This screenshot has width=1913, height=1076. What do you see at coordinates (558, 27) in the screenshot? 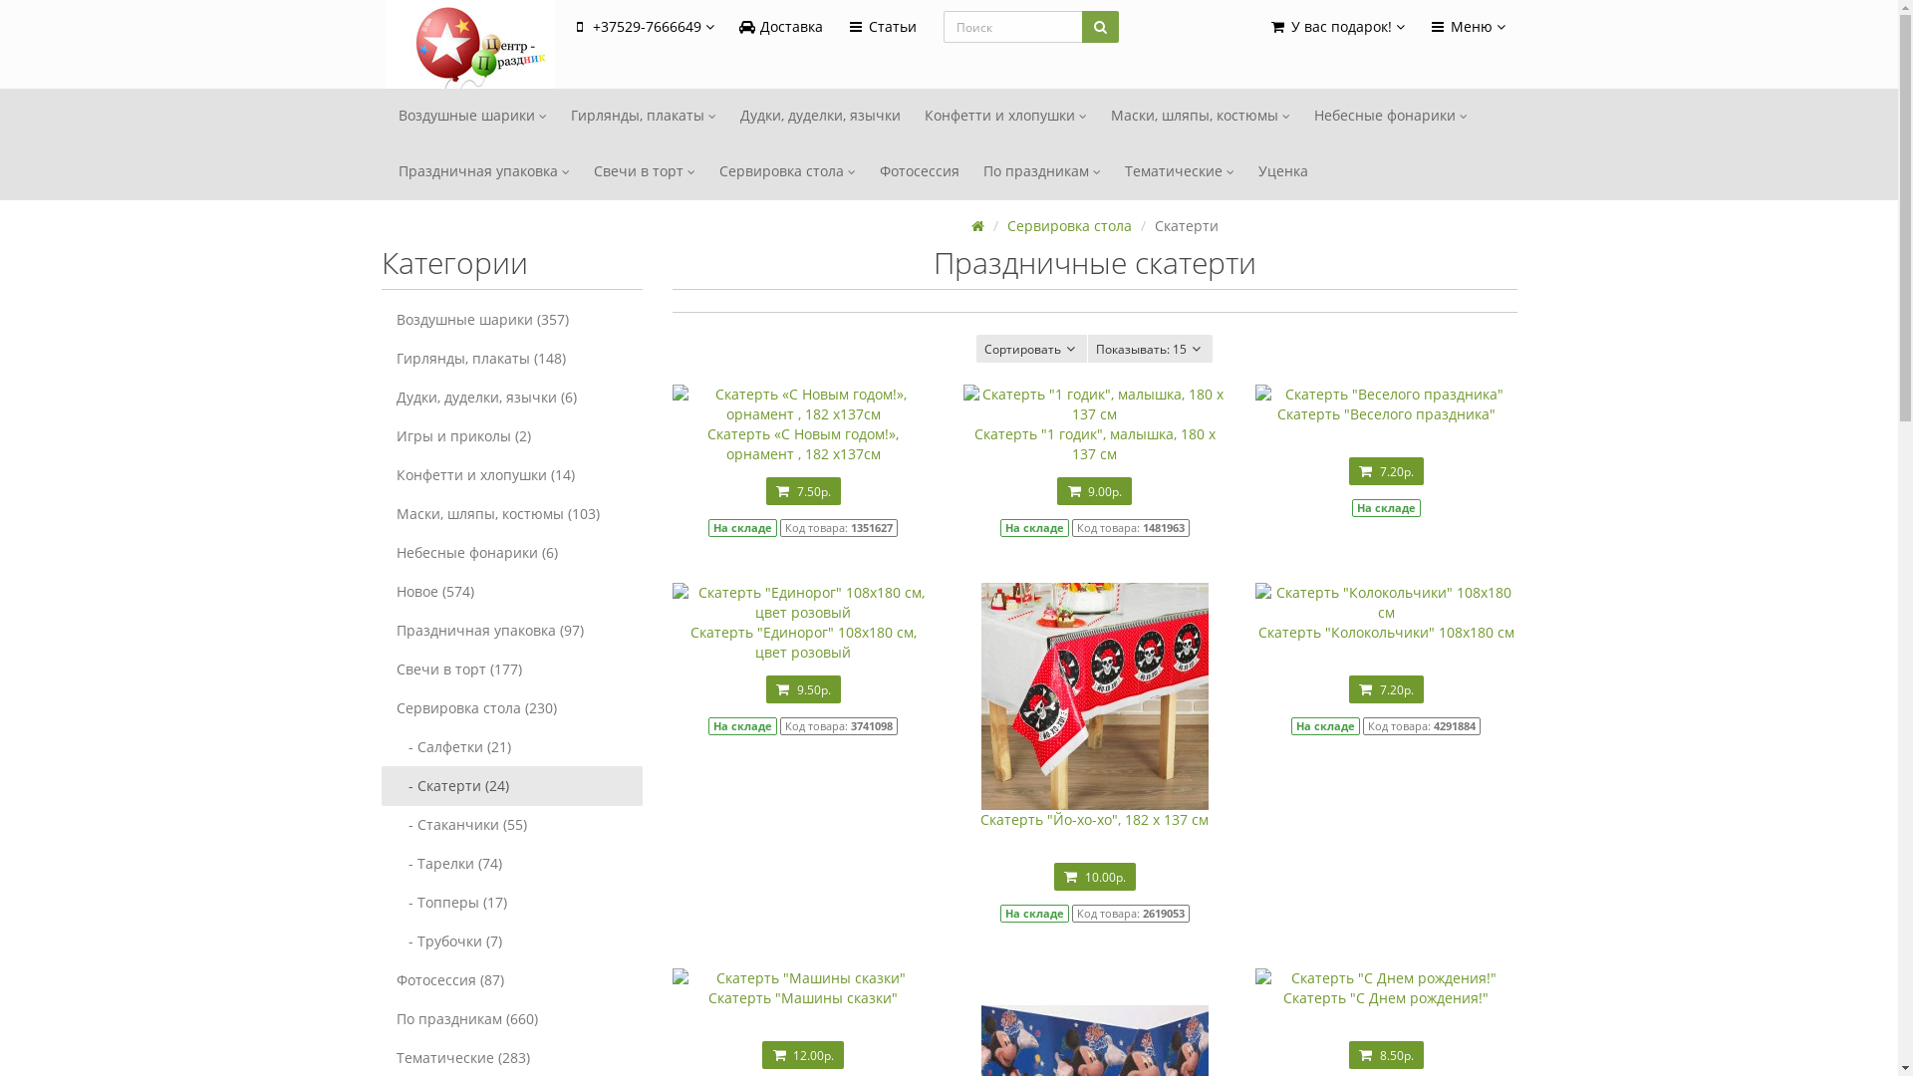
I see `'+37529-7666649'` at bounding box center [558, 27].